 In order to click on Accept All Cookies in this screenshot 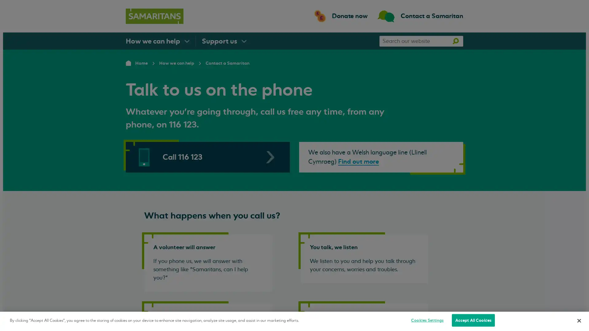, I will do `click(473, 320)`.